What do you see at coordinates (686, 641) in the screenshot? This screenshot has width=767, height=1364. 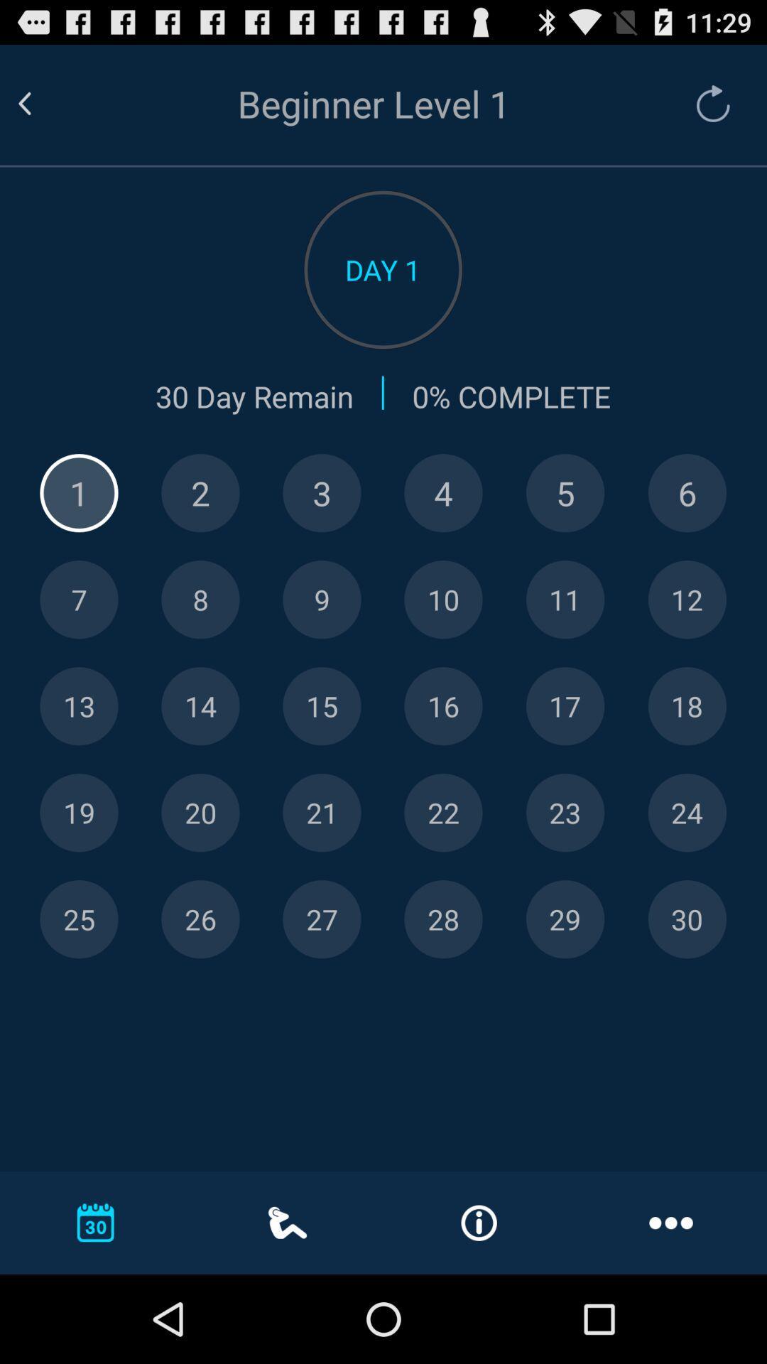 I see `the edit icon` at bounding box center [686, 641].